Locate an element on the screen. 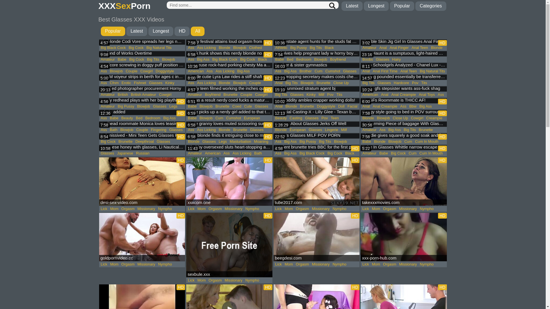  'Bath' is located at coordinates (113, 130).